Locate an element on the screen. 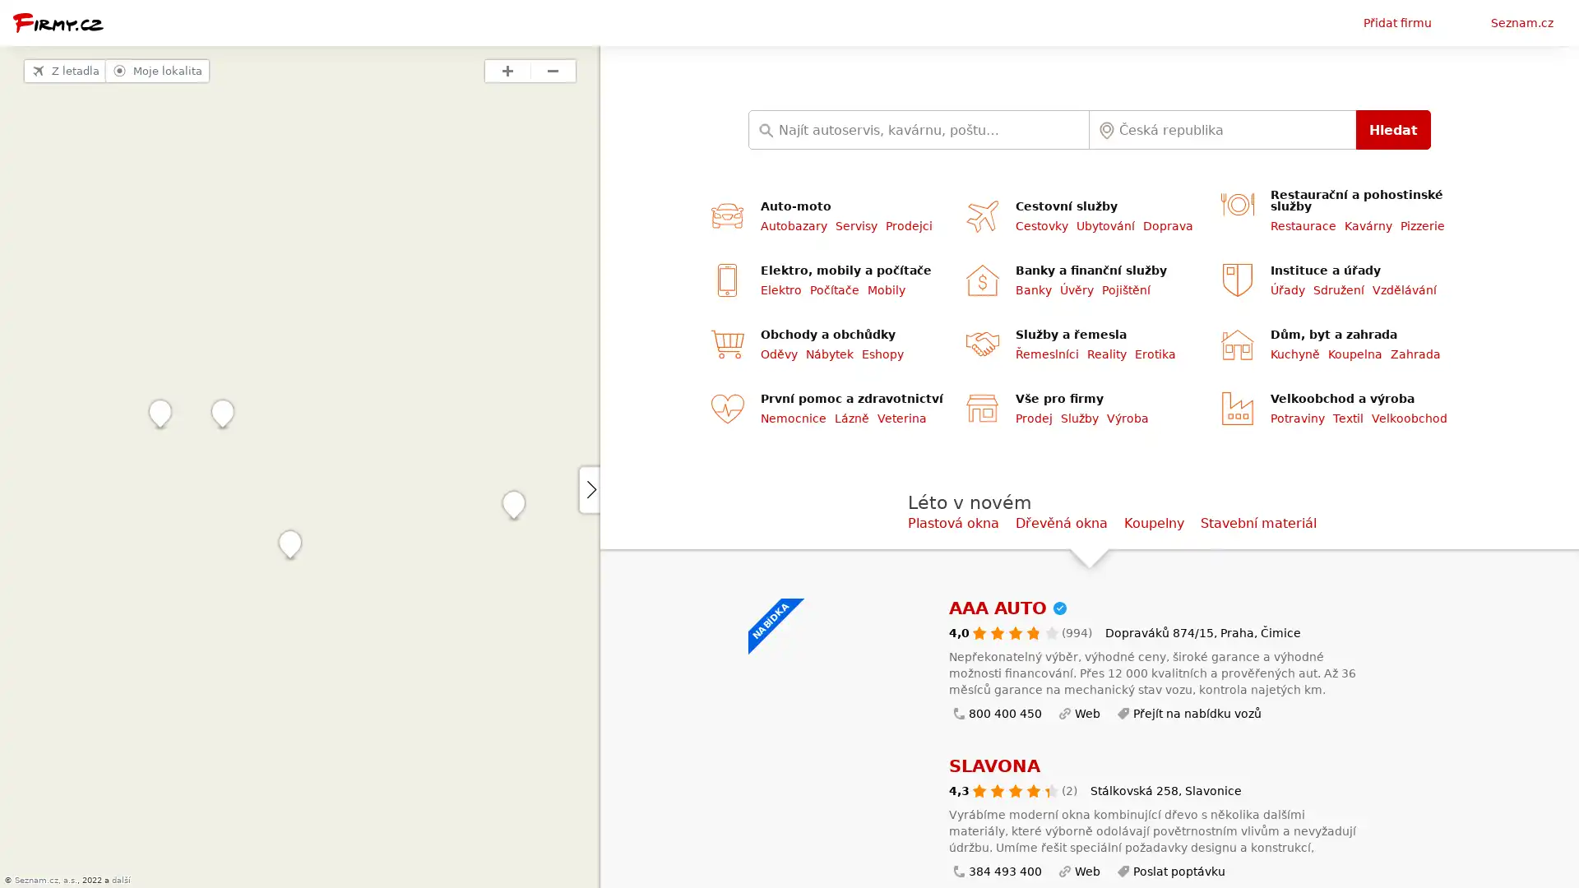  Priblizit is located at coordinates (506, 110).